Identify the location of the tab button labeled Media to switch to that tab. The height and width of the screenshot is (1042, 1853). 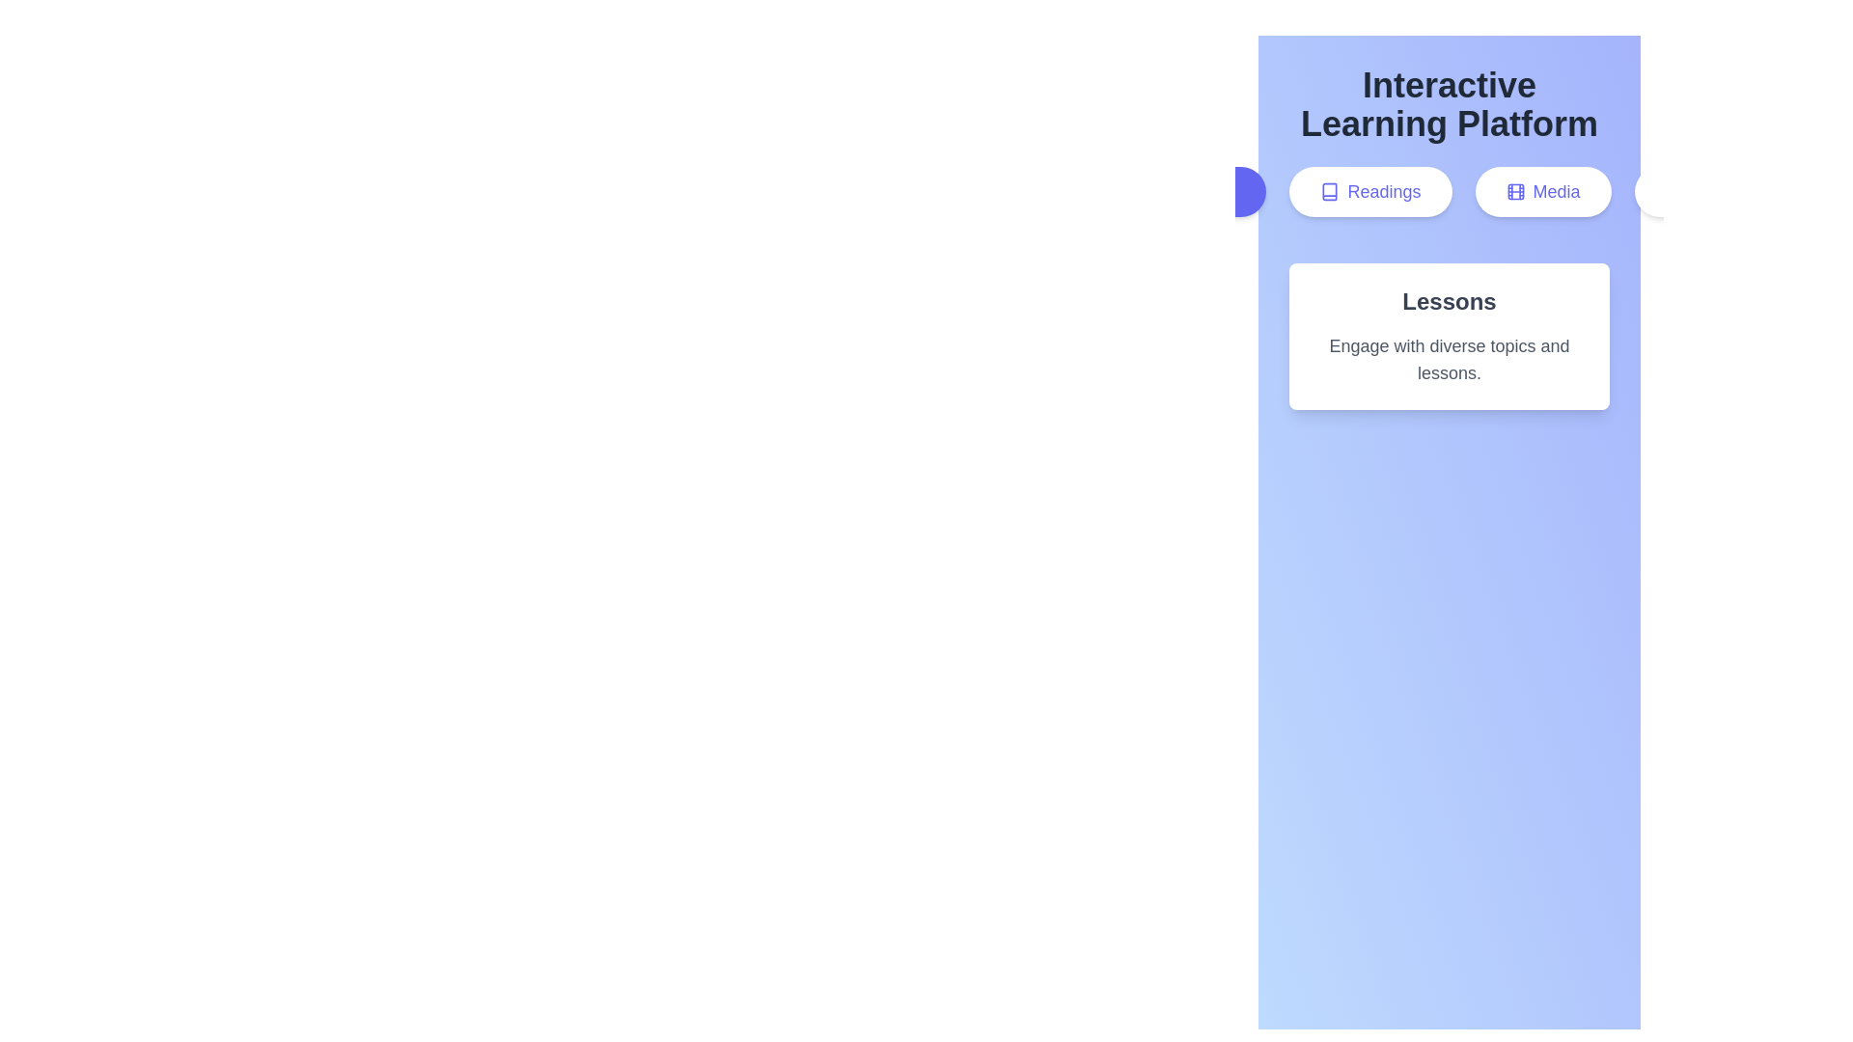
(1541, 192).